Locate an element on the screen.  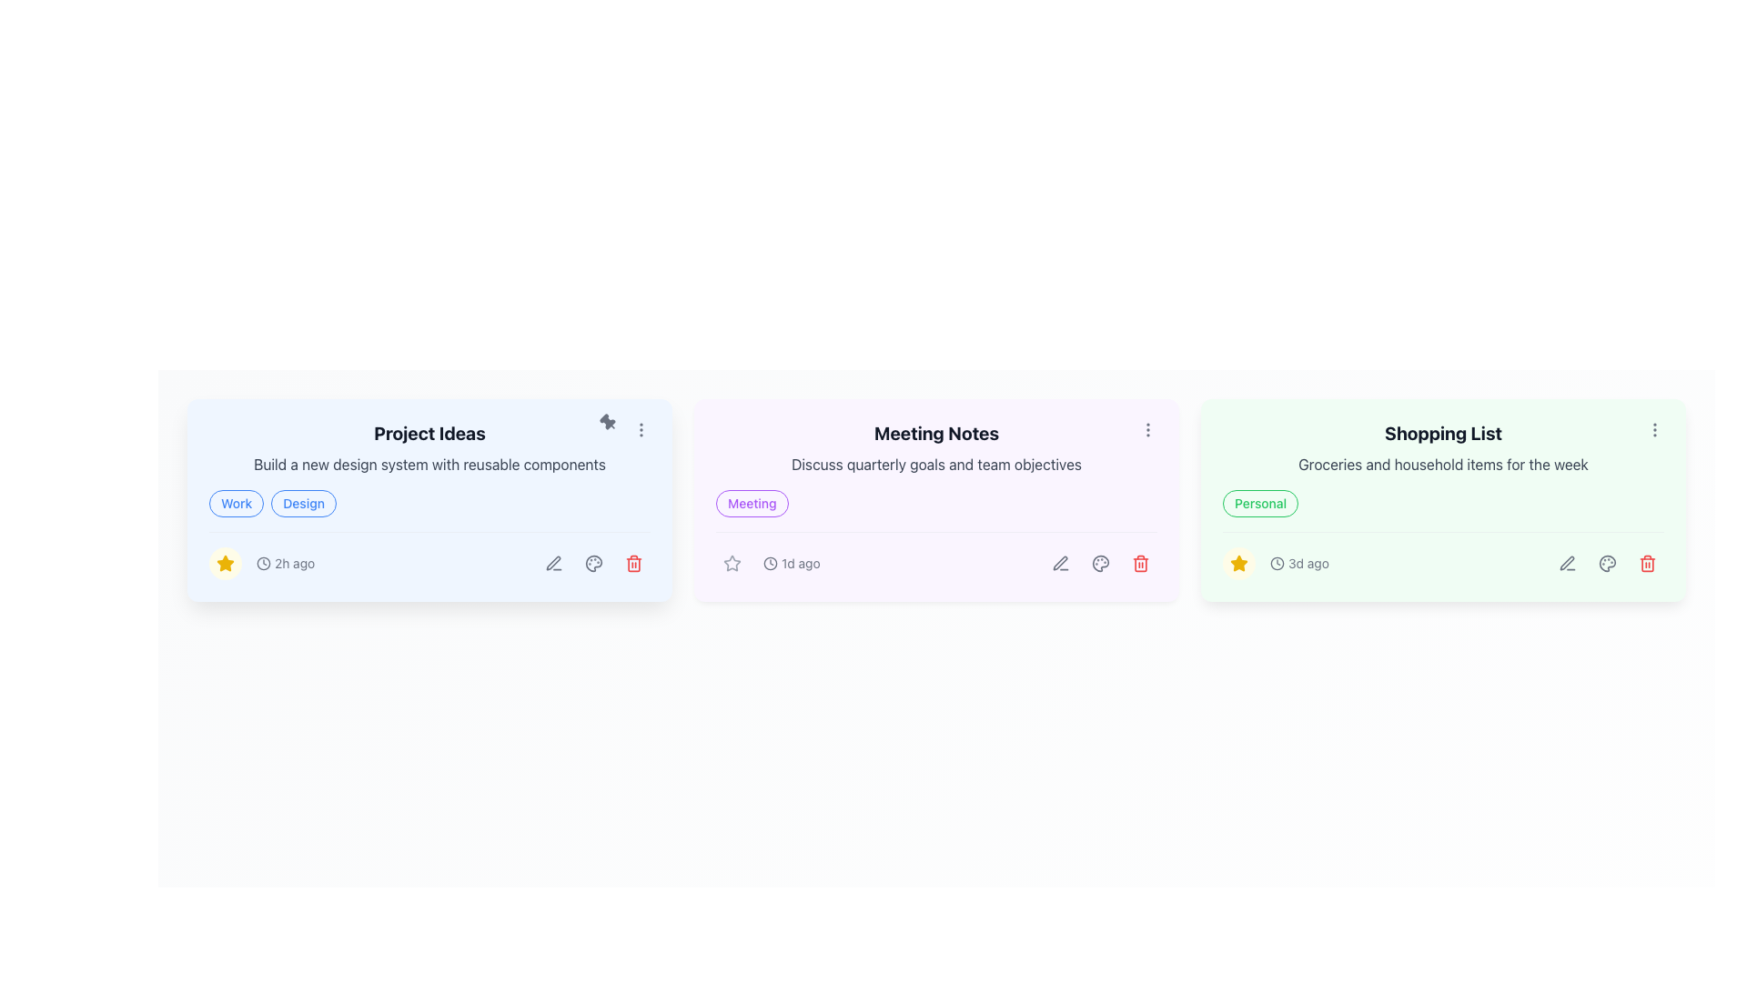
the Footer section of the 'Meeting Notes' card, which provides quick actions and metadata, located at the bottom of the card is located at coordinates (936, 555).